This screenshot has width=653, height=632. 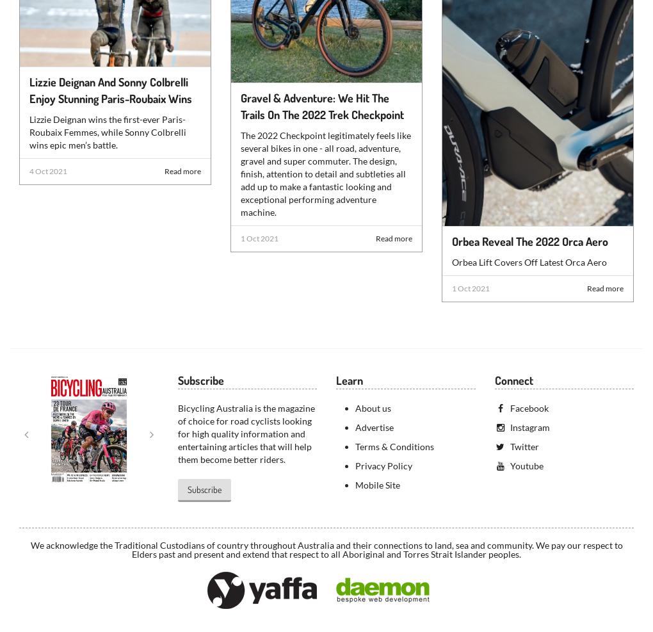 I want to click on 'The 2022 Checkpoint legitimately feels like several bikes in one - all road, adventure, gravel and super commuter. The design, finish, attention to detail and subtleties all add up to make a fantastic looking and exceptional performing adventure machine.', so click(x=325, y=174).